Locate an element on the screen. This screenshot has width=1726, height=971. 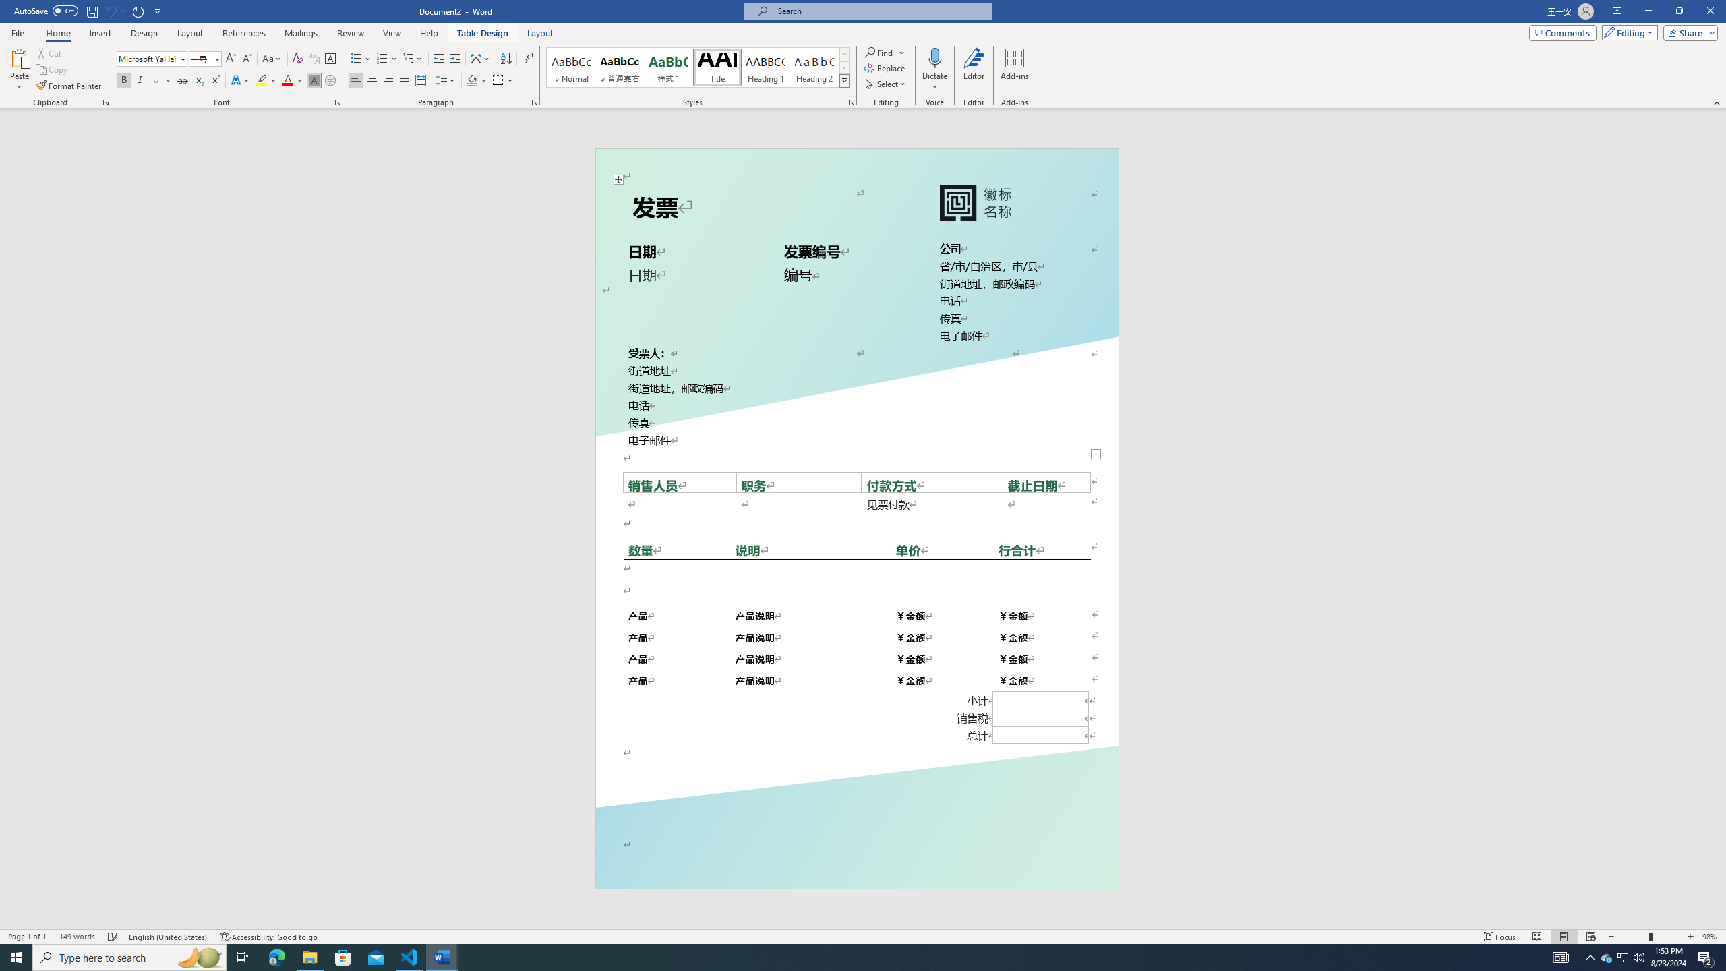
'Page 1 content' is located at coordinates (857, 504).